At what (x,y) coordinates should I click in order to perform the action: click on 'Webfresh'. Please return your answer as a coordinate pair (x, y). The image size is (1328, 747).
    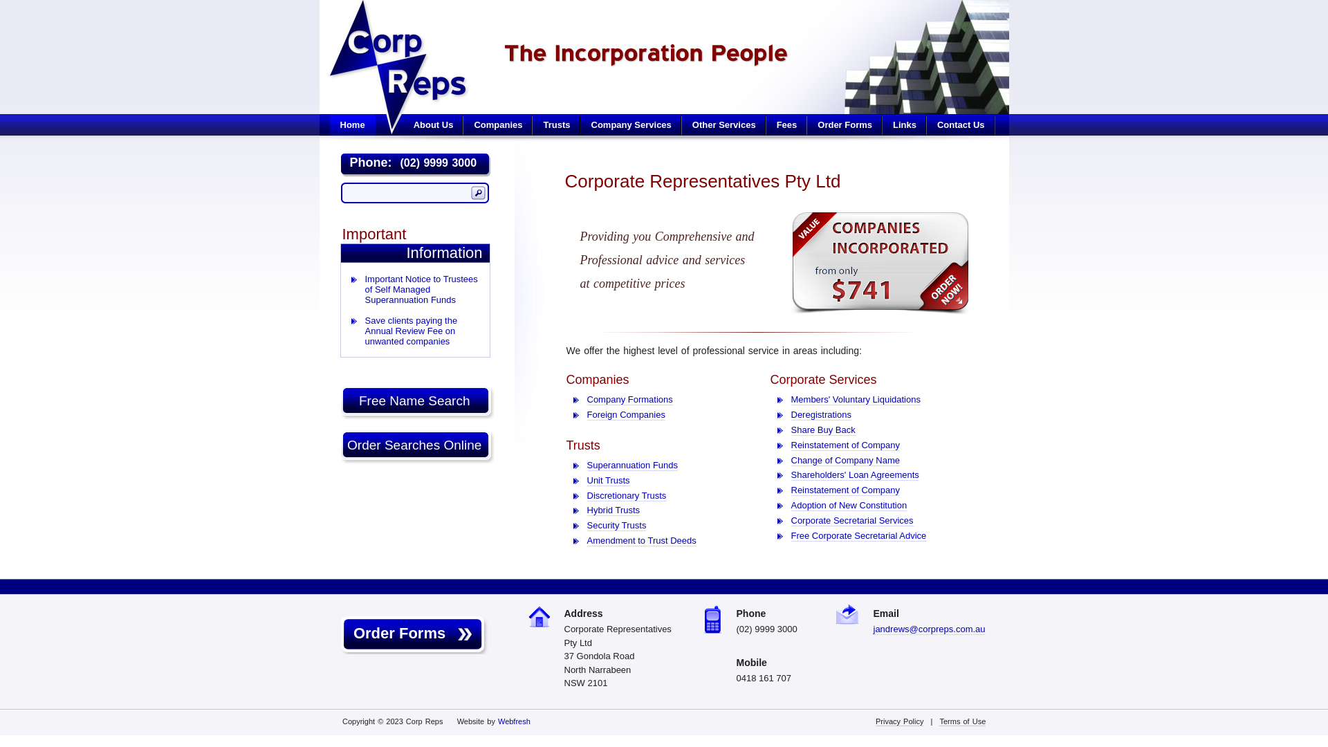
    Looking at the image, I should click on (498, 720).